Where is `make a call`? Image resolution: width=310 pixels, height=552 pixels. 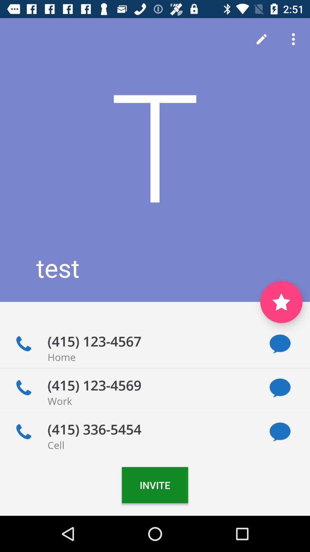 make a call is located at coordinates (23, 432).